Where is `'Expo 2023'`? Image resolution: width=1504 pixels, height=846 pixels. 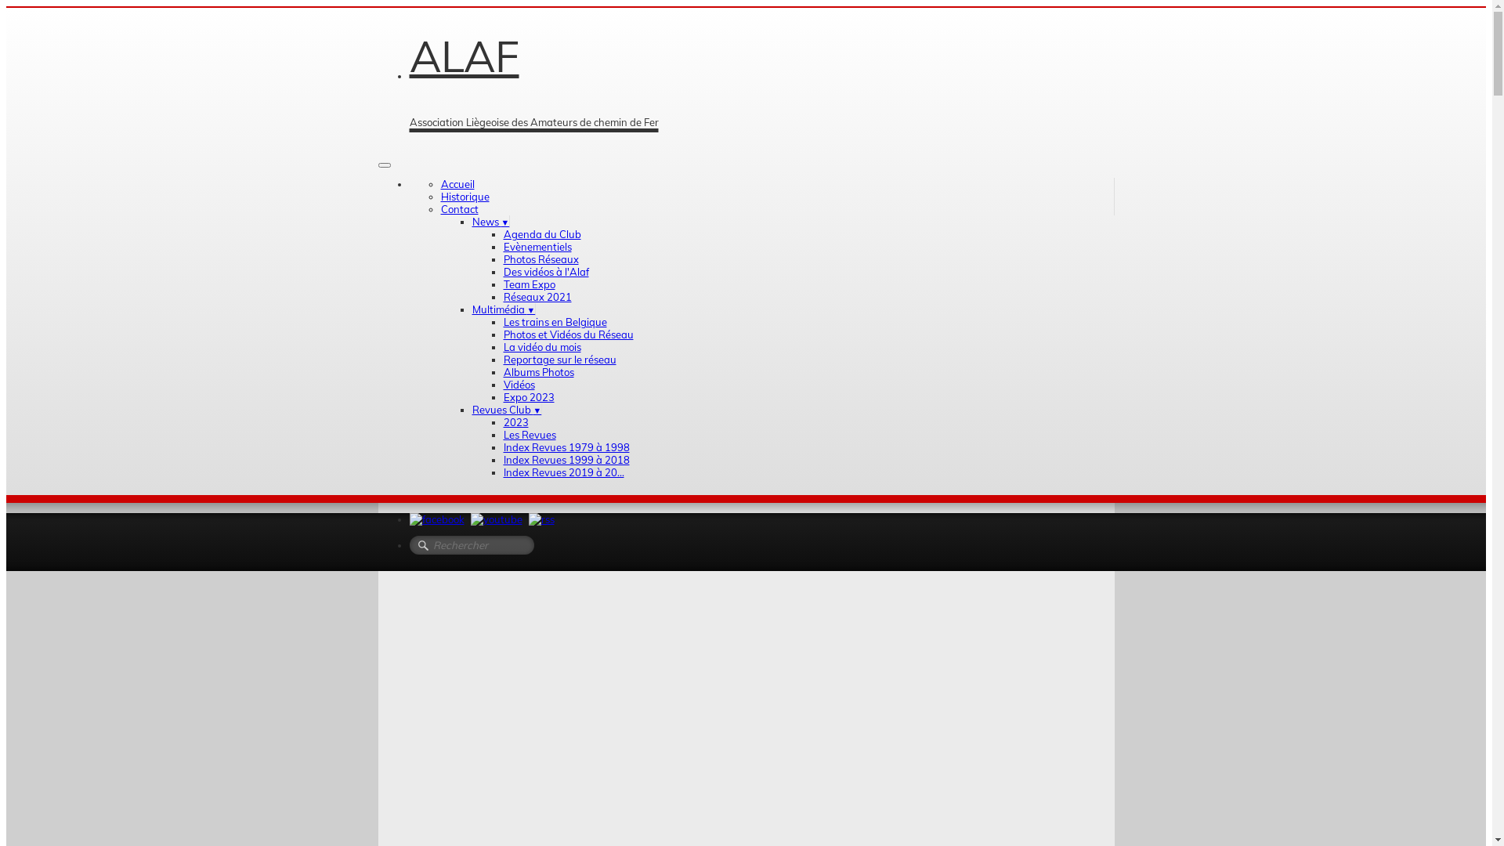 'Expo 2023' is located at coordinates (528, 396).